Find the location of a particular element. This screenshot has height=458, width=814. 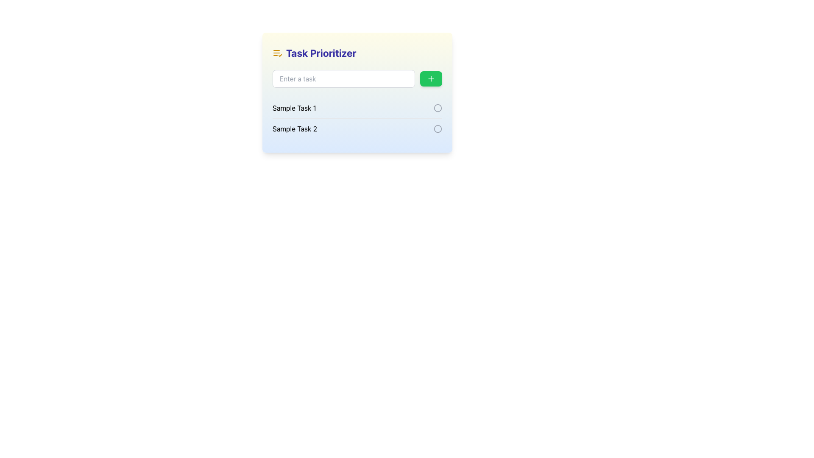

the actionable button associated with 'Sample Task 1' is located at coordinates (438, 107).